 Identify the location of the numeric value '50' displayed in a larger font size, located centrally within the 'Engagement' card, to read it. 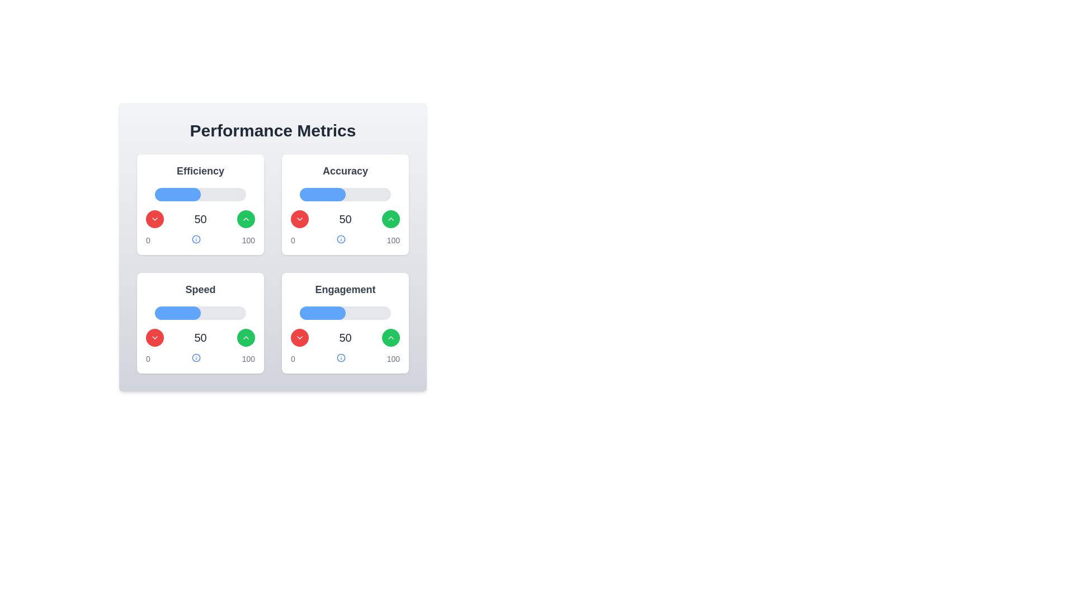
(345, 337).